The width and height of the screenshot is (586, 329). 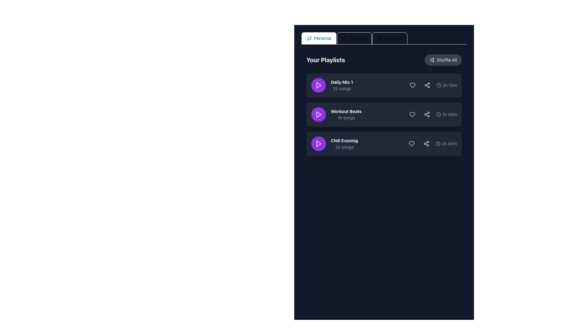 What do you see at coordinates (346, 111) in the screenshot?
I see `the text label that serves as the title for the 'Workout Beats' playlist, which is located in 'Your Playlists' and is positioned above the '18 songs' description` at bounding box center [346, 111].